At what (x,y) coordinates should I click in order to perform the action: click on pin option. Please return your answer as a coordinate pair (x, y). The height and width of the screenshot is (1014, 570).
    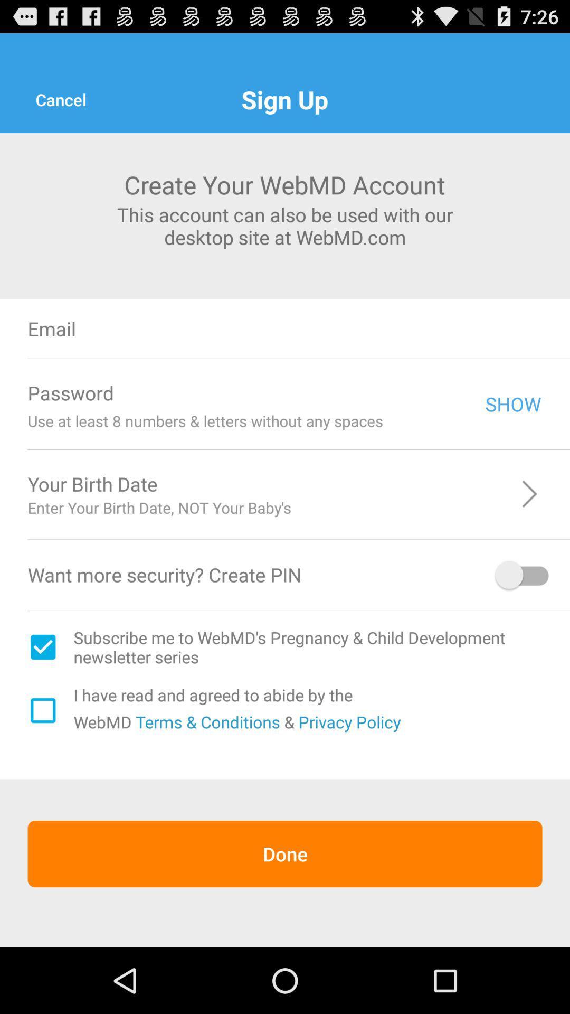
    Looking at the image, I should click on (523, 574).